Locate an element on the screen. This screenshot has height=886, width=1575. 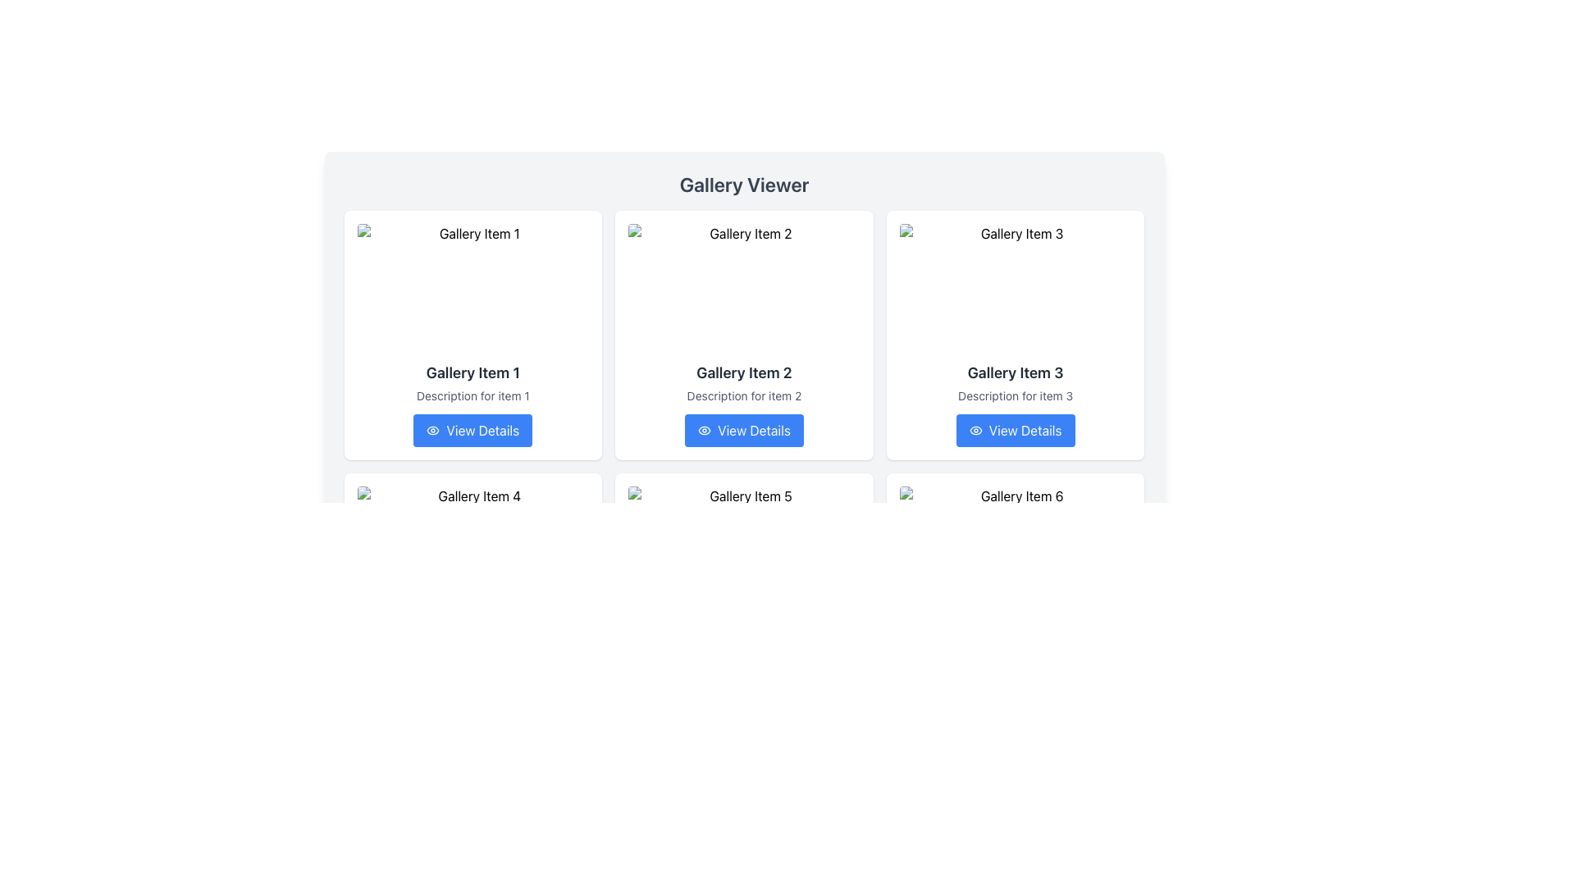
the eye-shaped icon located within the 'View Details' button of the third gallery item, positioned to the left of the button text is located at coordinates (975, 429).